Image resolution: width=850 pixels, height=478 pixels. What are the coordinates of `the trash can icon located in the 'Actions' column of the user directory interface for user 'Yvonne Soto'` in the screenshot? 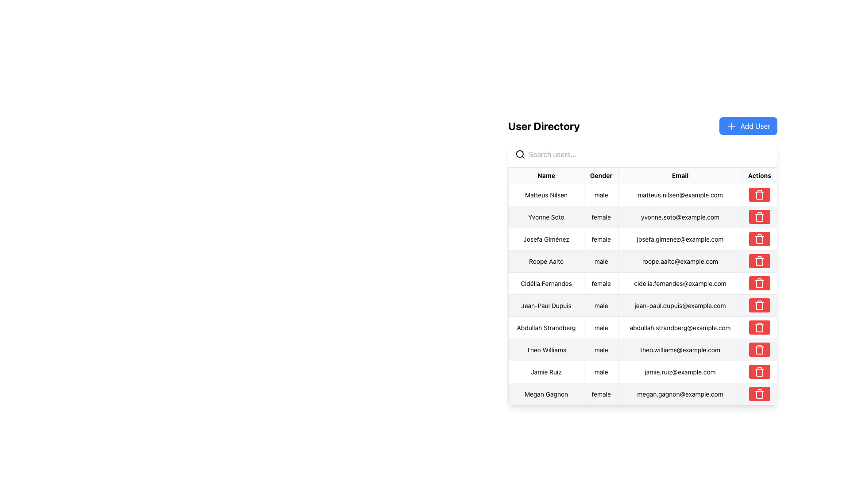 It's located at (759, 216).